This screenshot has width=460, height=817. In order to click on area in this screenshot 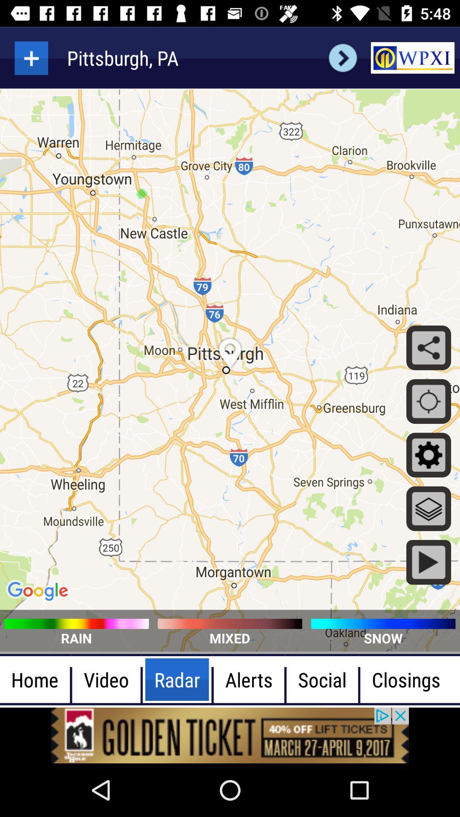, I will do `click(31, 57)`.